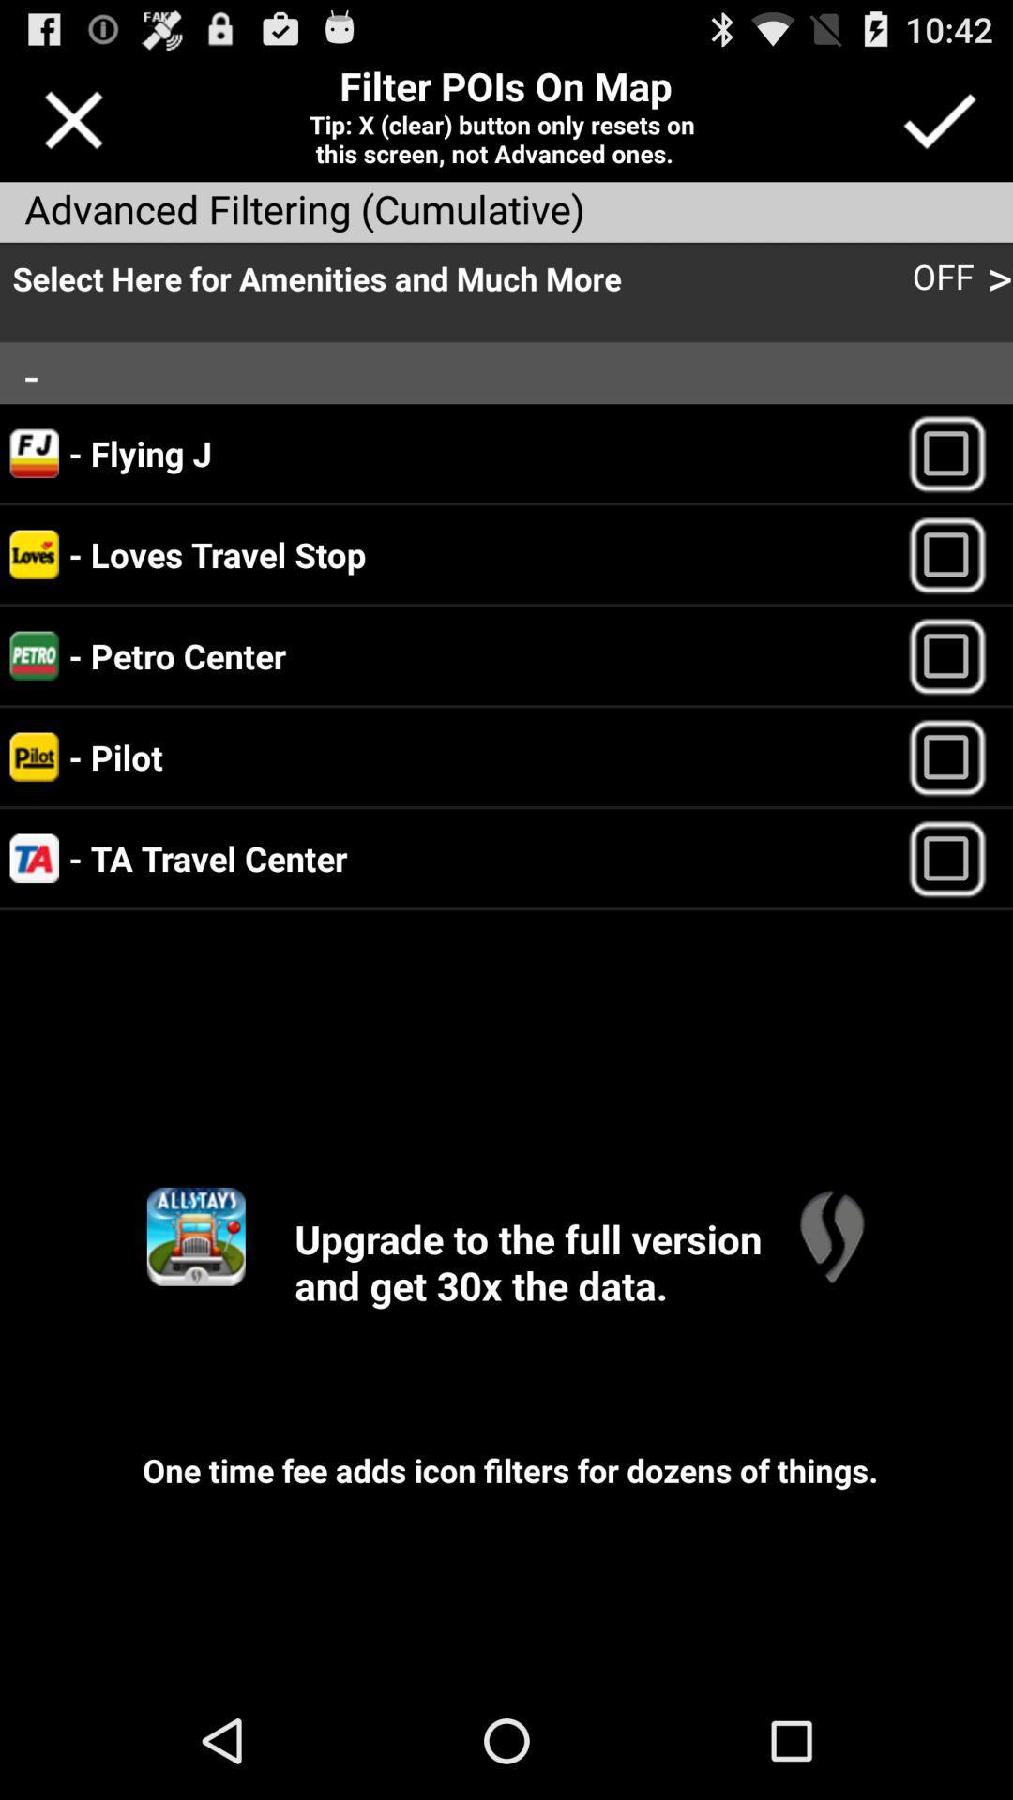 The width and height of the screenshot is (1013, 1800). What do you see at coordinates (35, 454) in the screenshot?
I see `the logo of flying j` at bounding box center [35, 454].